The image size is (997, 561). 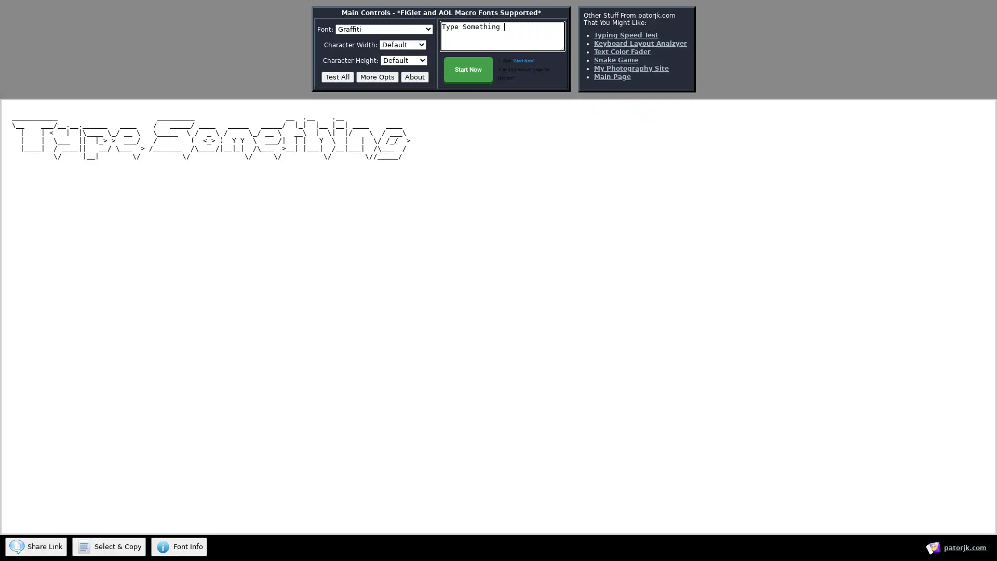 What do you see at coordinates (414, 76) in the screenshot?
I see `About` at bounding box center [414, 76].